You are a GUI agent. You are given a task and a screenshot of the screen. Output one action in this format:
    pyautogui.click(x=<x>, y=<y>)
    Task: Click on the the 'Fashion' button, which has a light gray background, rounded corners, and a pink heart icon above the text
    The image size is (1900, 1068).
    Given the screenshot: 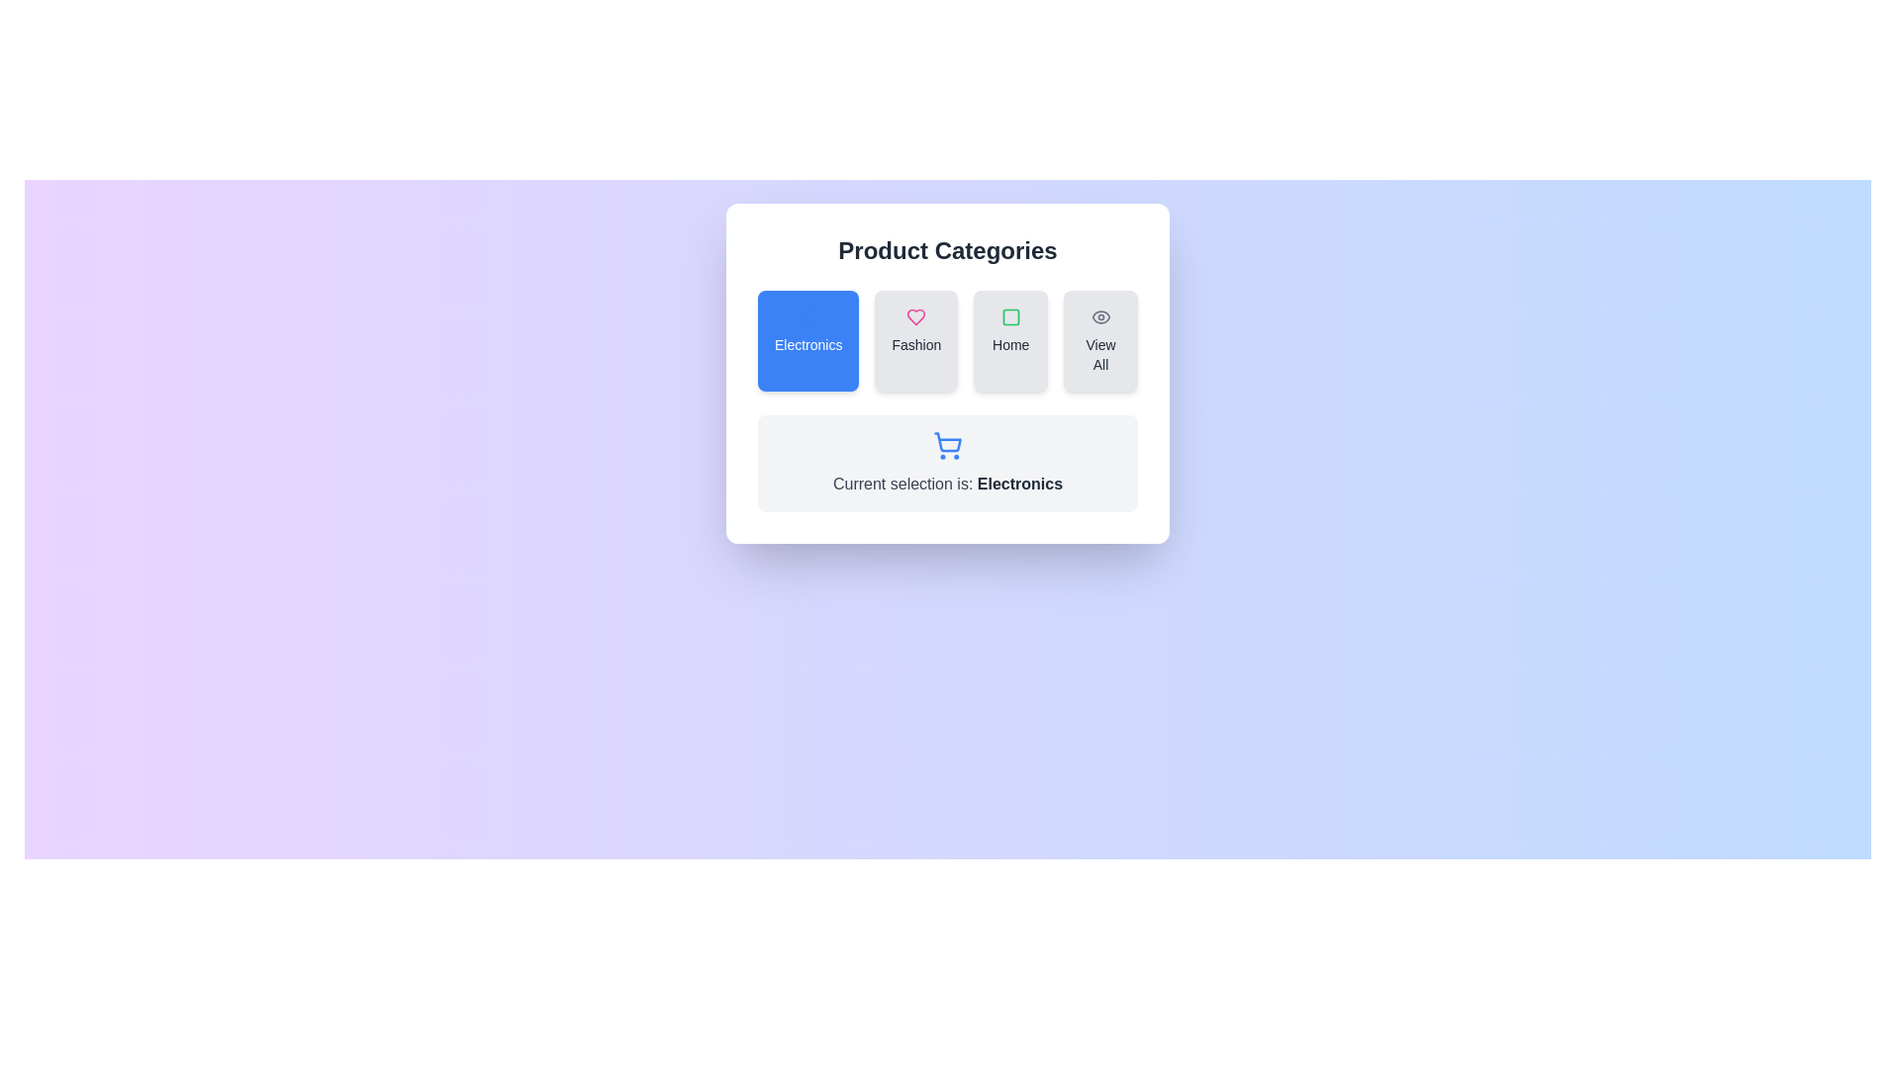 What is the action you would take?
    pyautogui.click(x=915, y=339)
    